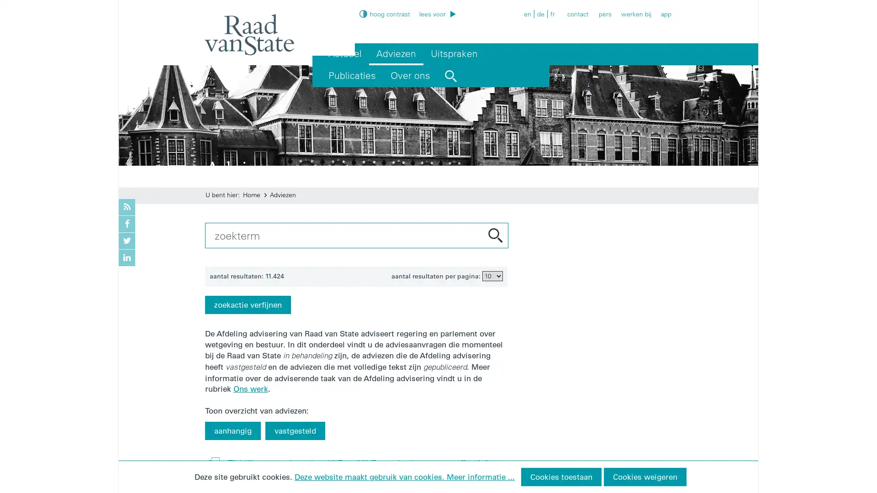 The height and width of the screenshot is (493, 877). I want to click on Cookies weigeren, so click(644, 477).